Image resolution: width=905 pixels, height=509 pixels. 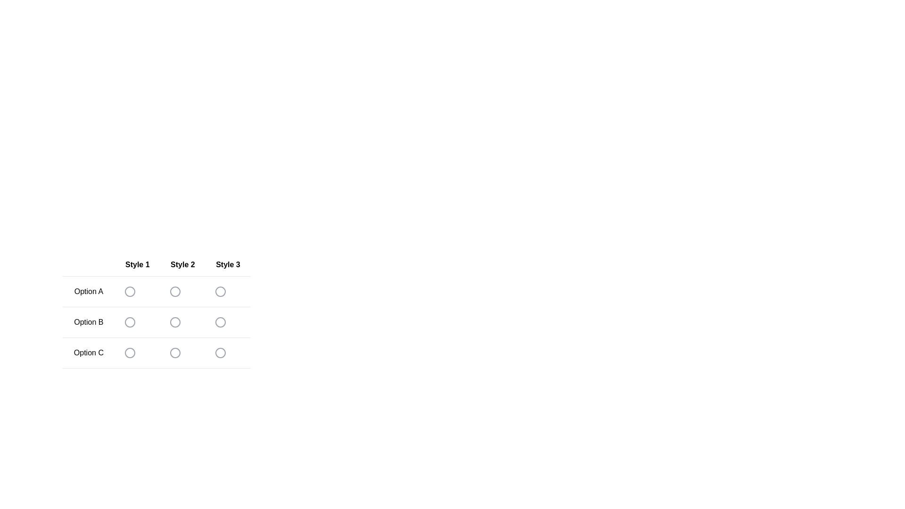 I want to click on the radio button corresponding to 'Option B' in the second row and 'Style 2' in the second column, so click(x=156, y=325).